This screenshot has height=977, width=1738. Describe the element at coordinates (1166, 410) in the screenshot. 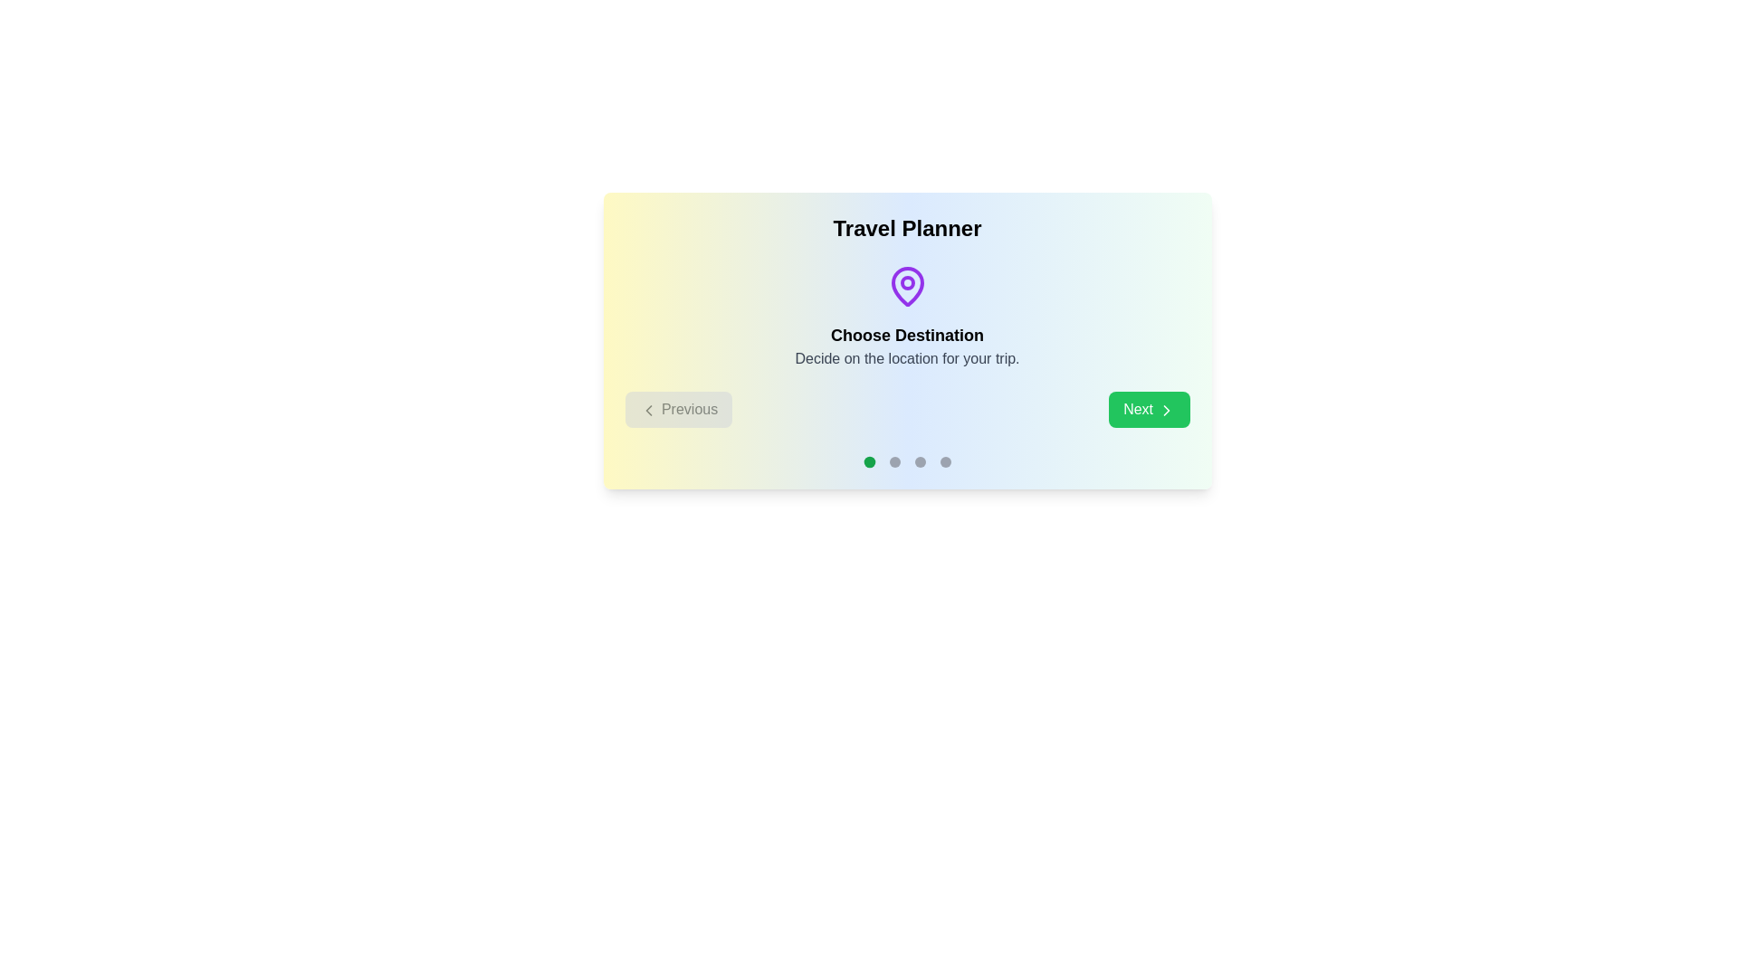

I see `the chevron icon located in the bottom-right section of the interface, which indicates progression or navigation as part of the 'Next' button` at that location.